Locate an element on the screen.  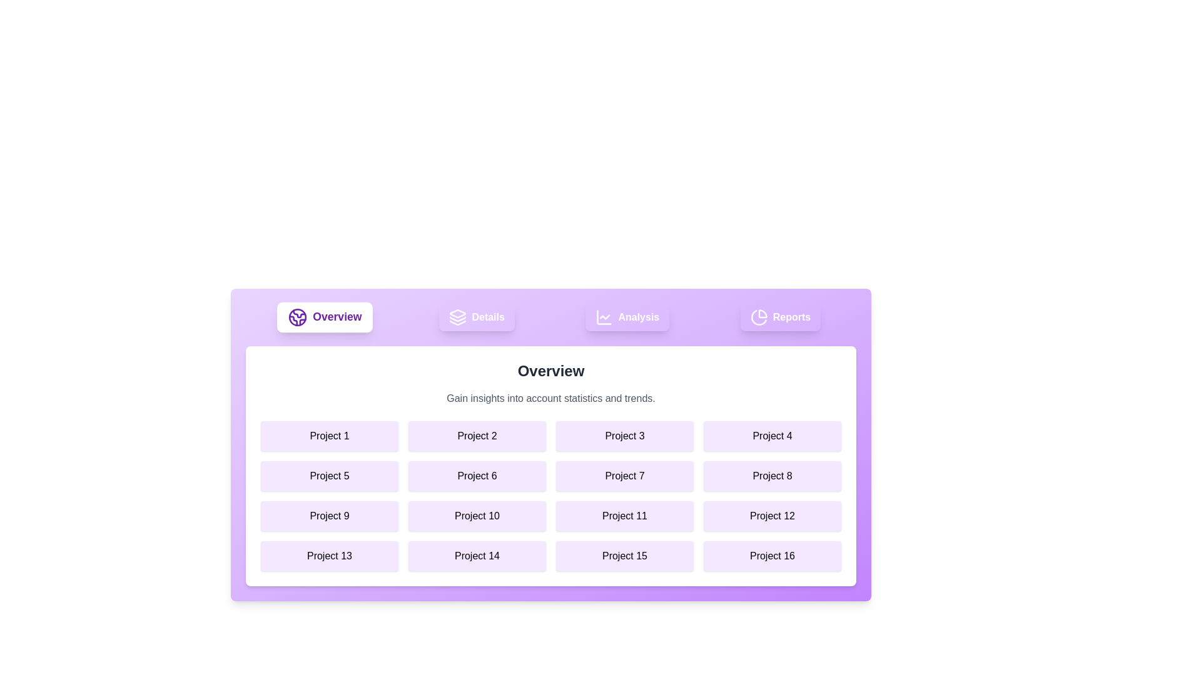
the Details tab by clicking on its button is located at coordinates (476, 317).